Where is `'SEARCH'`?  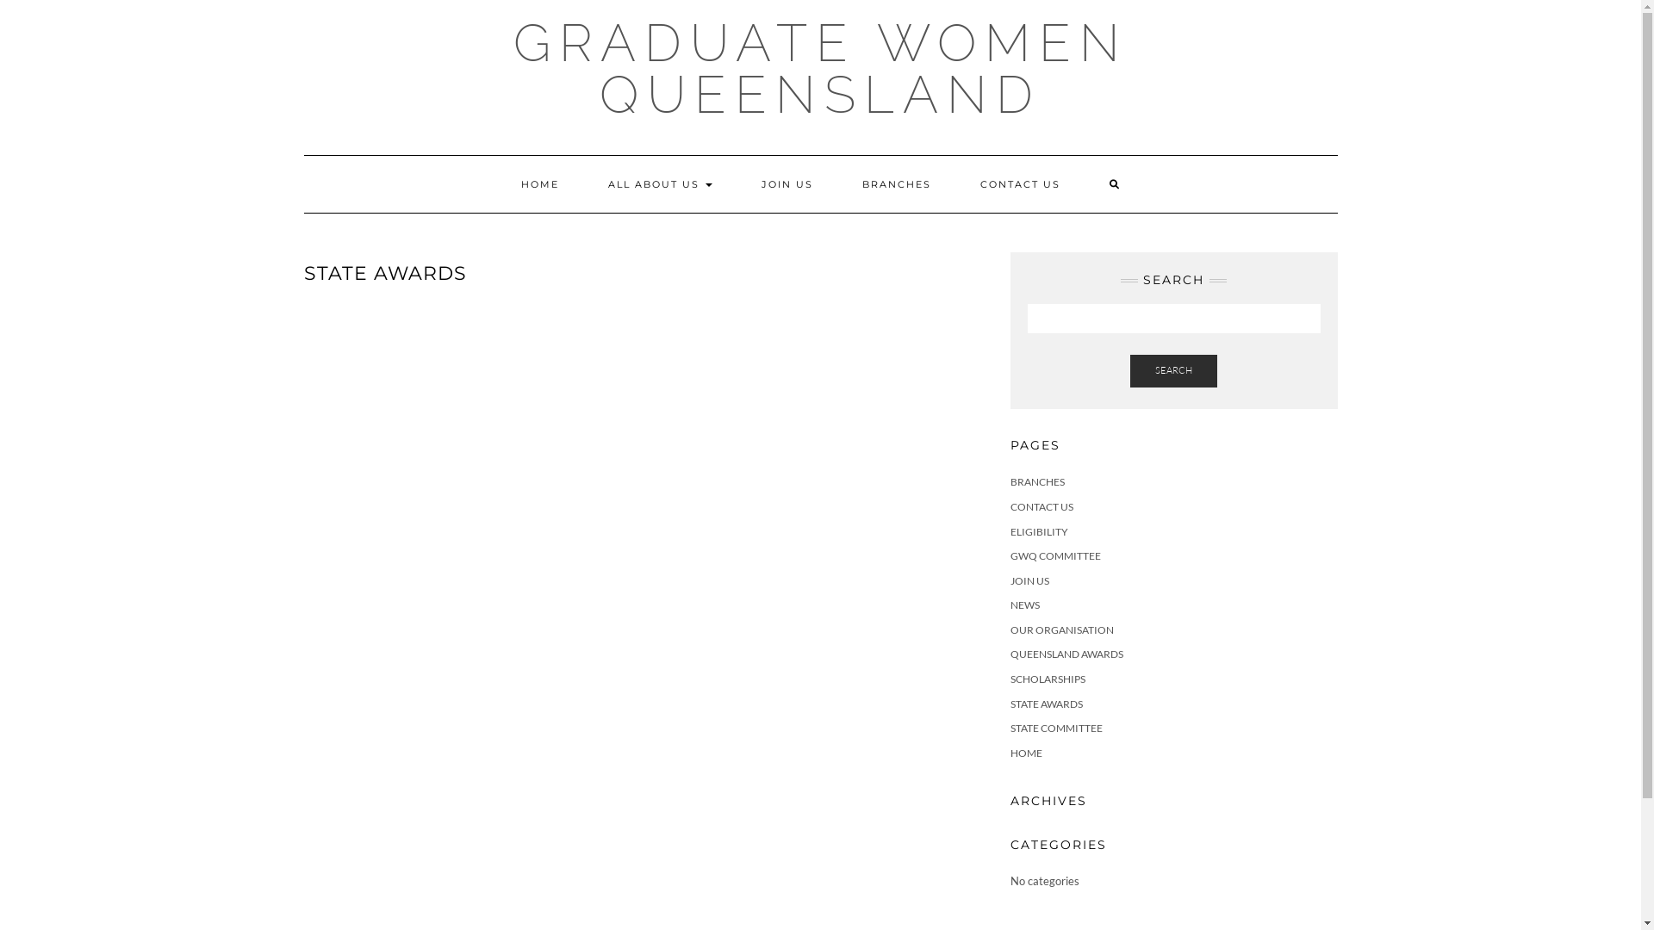
'SEARCH' is located at coordinates (1129, 370).